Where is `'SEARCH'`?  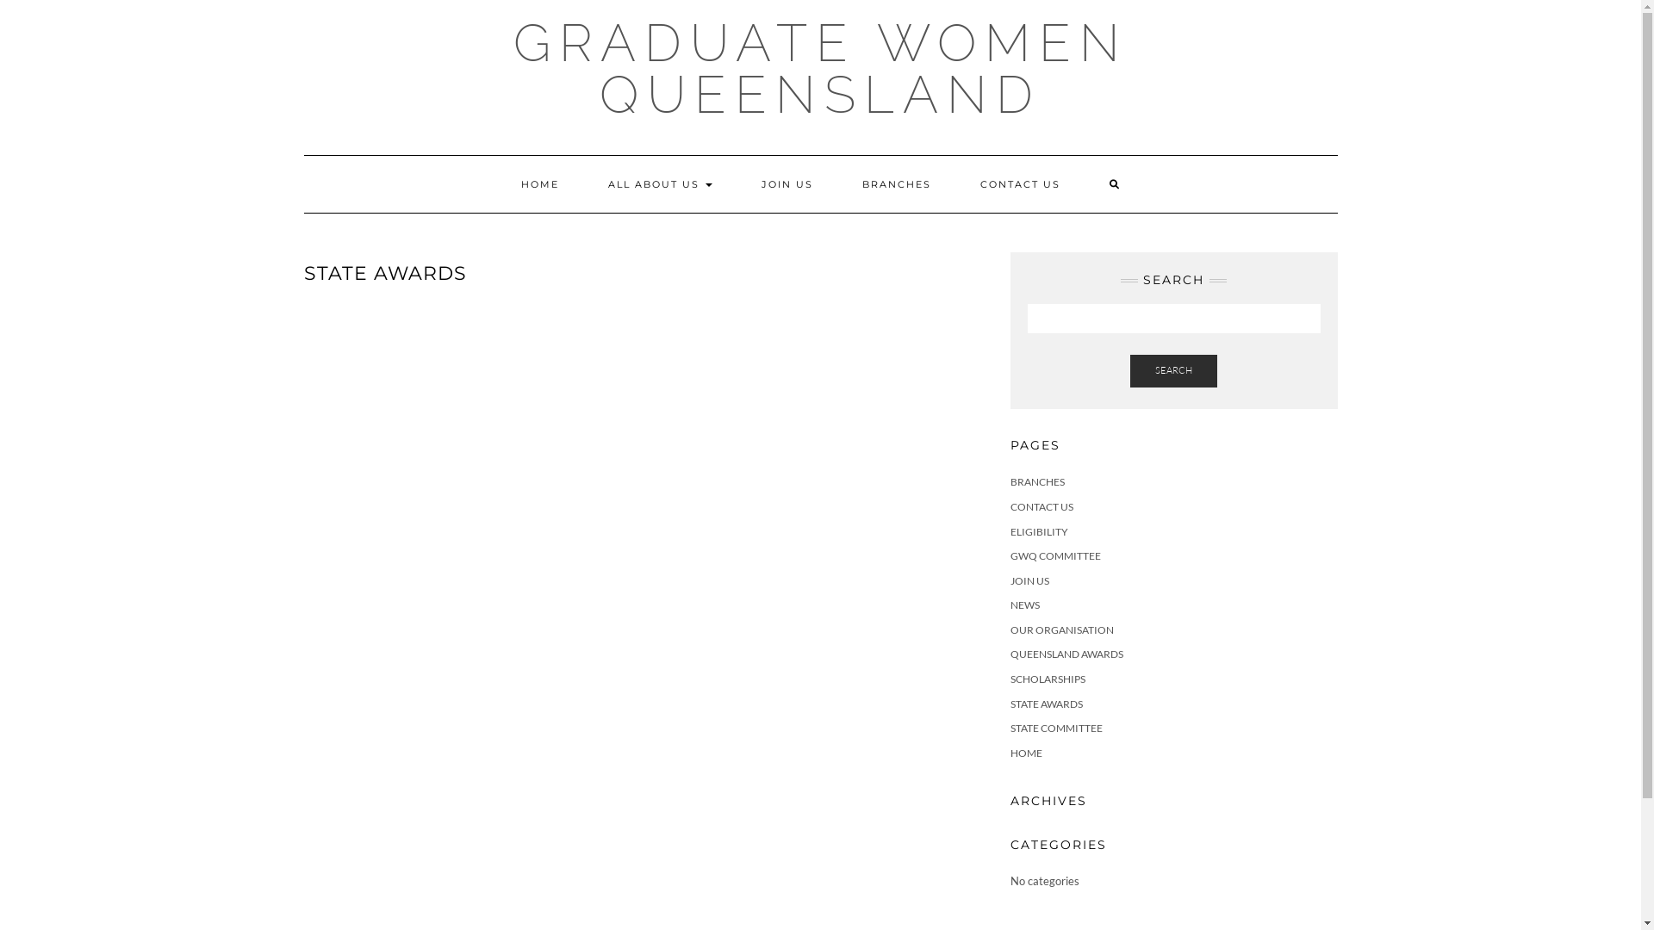
'SEARCH' is located at coordinates (1129, 370).